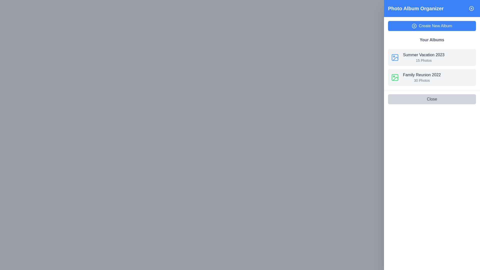  What do you see at coordinates (414, 26) in the screenshot?
I see `the circular icon with a plus sign, located to the left of the 'Create New Album' button in the sidebar` at bounding box center [414, 26].